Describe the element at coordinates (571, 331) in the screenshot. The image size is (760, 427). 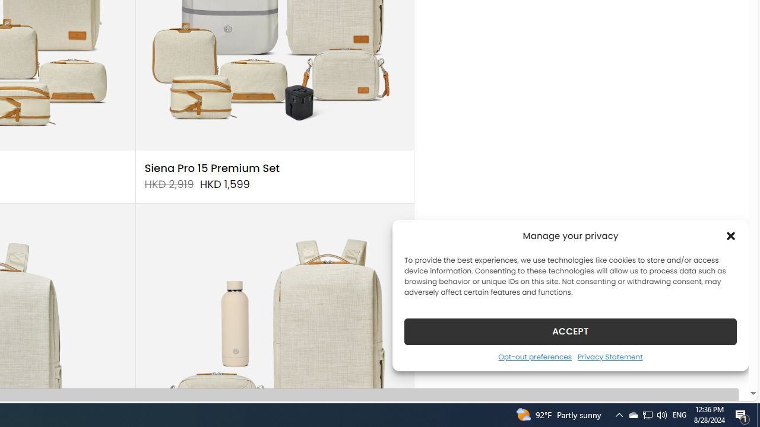
I see `'ACCEPT'` at that location.